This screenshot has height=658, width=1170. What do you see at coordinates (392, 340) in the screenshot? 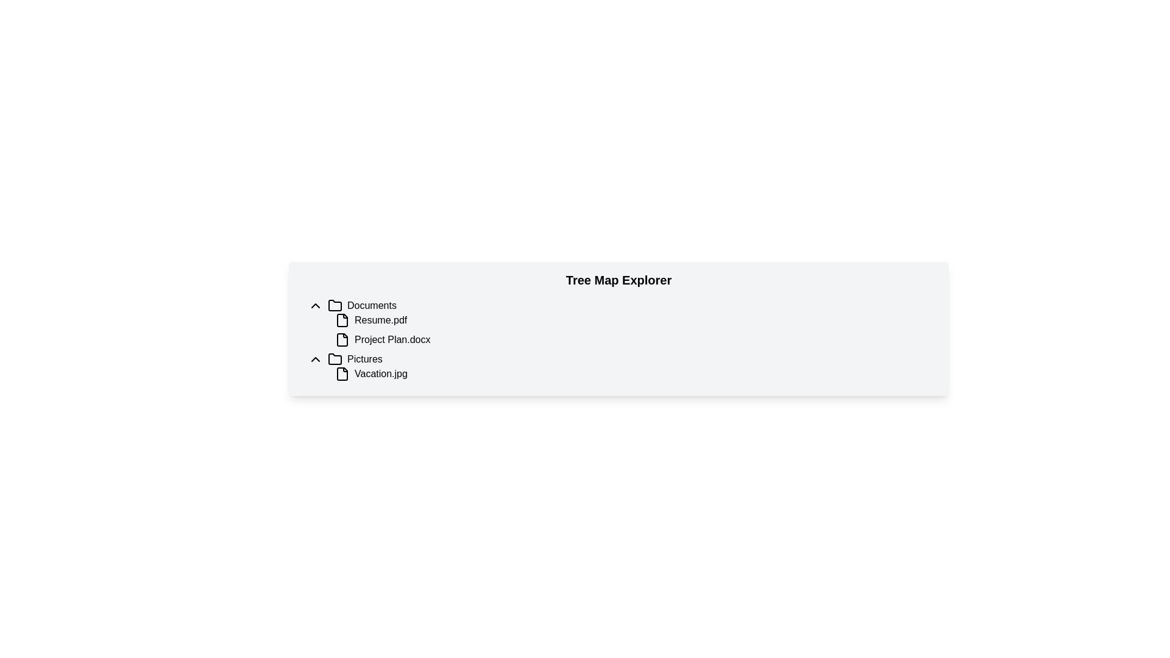
I see `the text label displaying the file name 'Project Plan.docx'` at bounding box center [392, 340].